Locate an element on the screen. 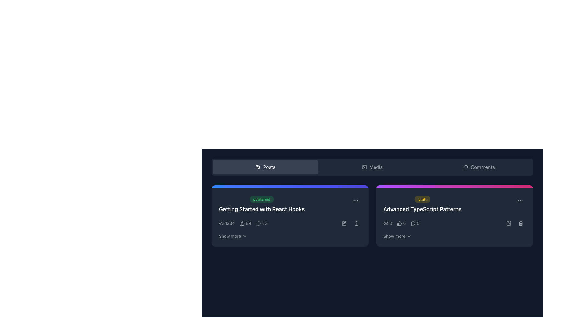  the circular button with a three-dot ellipsis icon located at the top-right corner of the 'Advanced TypeScript Patterns' card is located at coordinates (520, 200).